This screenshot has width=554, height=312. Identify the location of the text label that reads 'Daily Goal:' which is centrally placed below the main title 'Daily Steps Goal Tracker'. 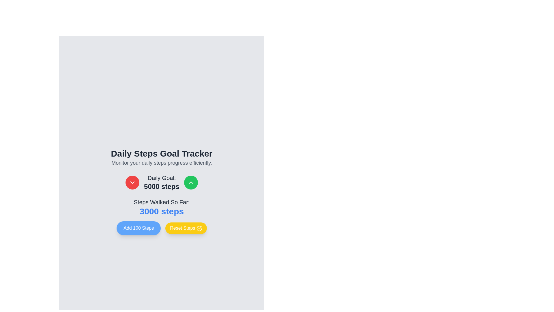
(162, 178).